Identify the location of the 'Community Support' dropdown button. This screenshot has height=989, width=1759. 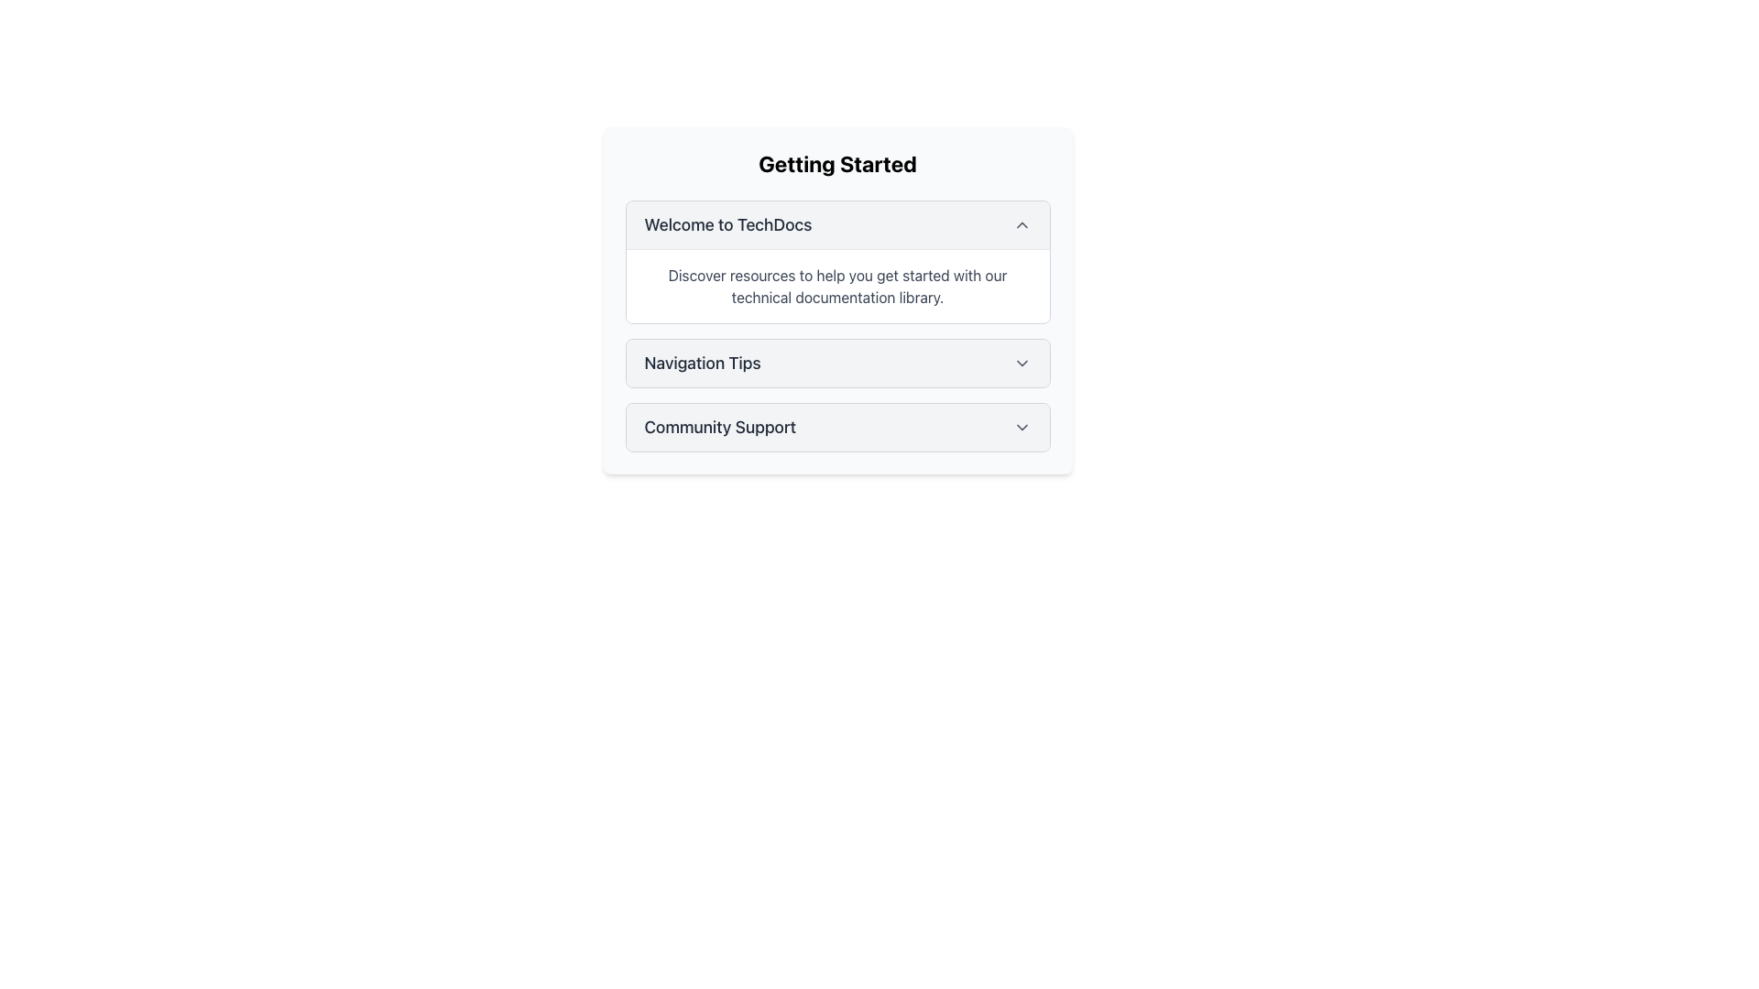
(836, 427).